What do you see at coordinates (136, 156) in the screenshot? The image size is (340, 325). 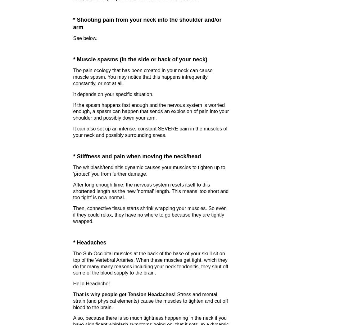 I see `'* Stiffness and pain when moving the neck/head'` at bounding box center [136, 156].